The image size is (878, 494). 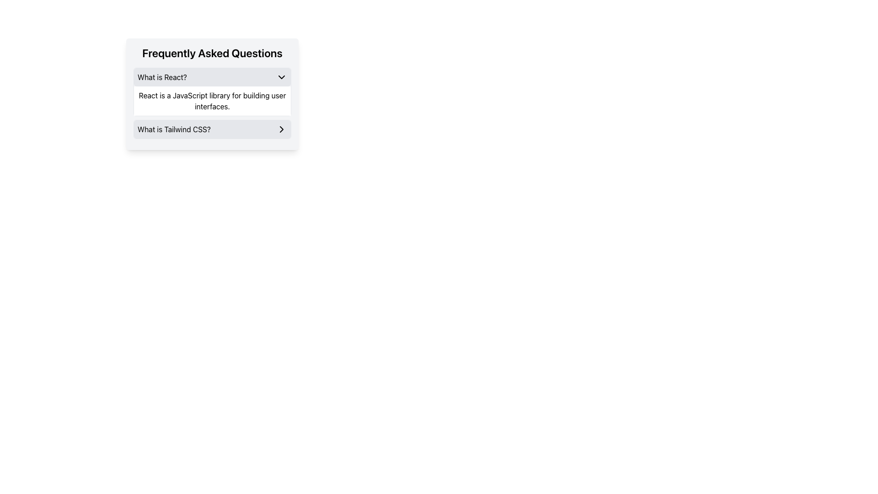 I want to click on the Chevron Arrow icon located to the far right of the 'What is Tailwind CSS?' dropdown list item, so click(x=281, y=129).